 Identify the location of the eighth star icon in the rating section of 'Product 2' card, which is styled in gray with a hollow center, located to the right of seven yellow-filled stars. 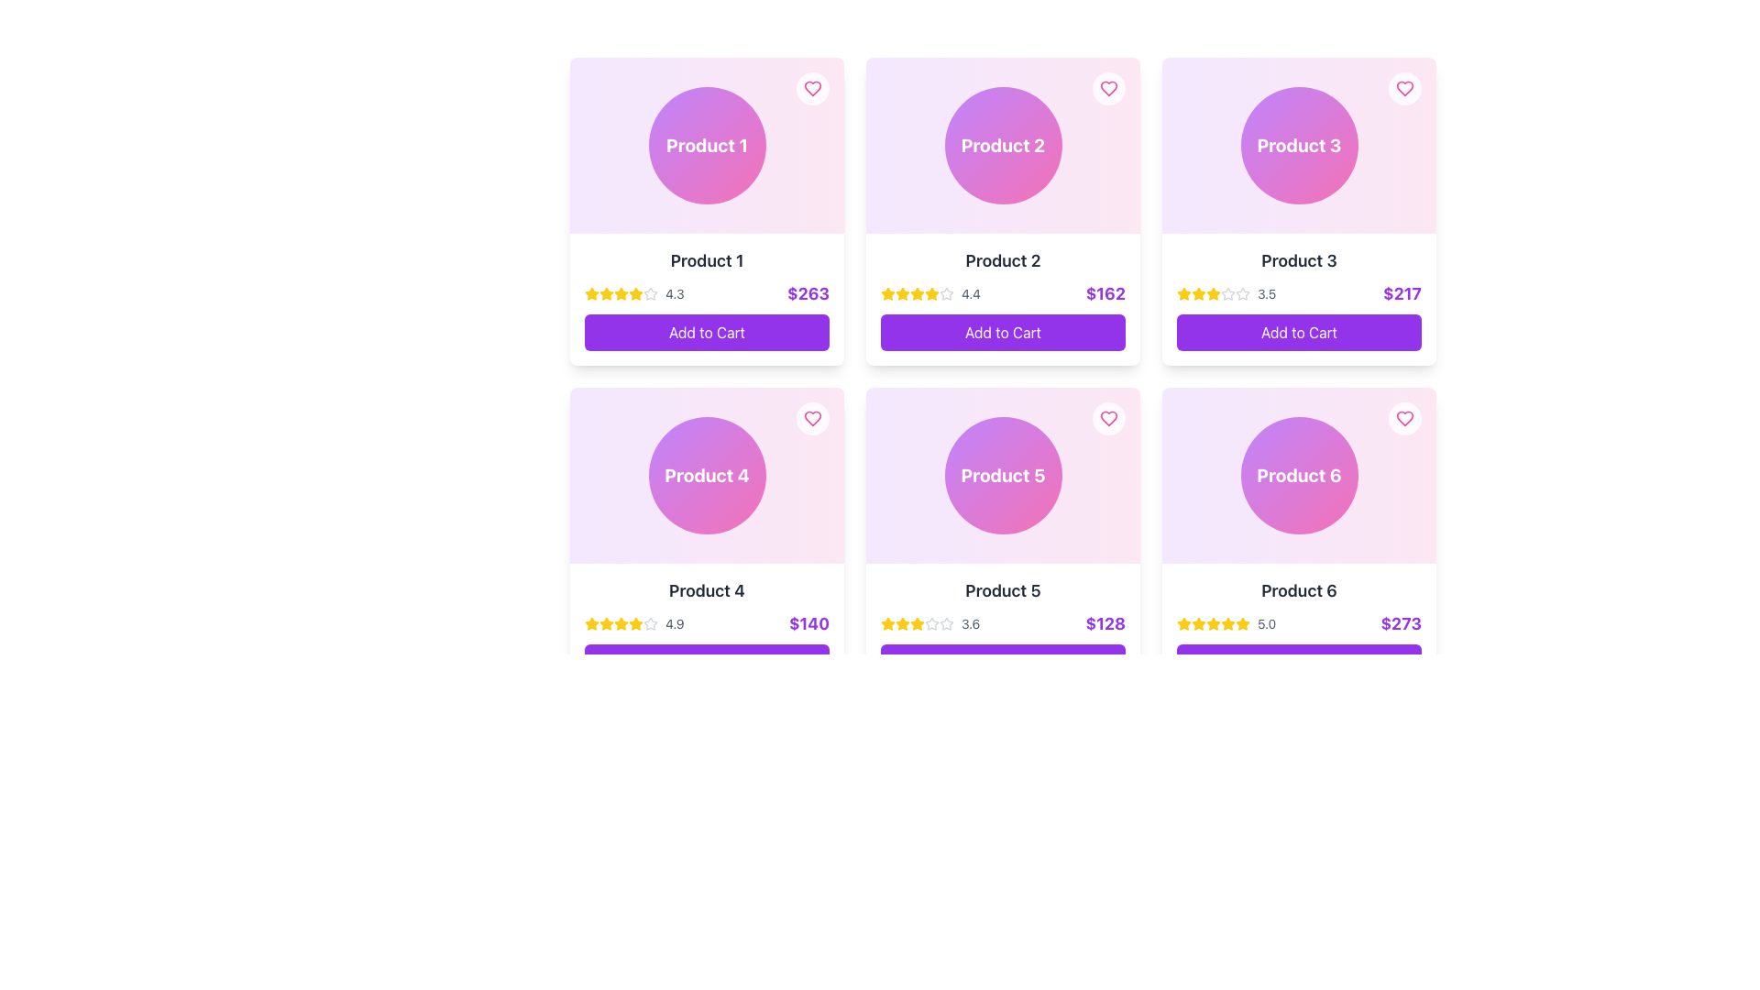
(946, 292).